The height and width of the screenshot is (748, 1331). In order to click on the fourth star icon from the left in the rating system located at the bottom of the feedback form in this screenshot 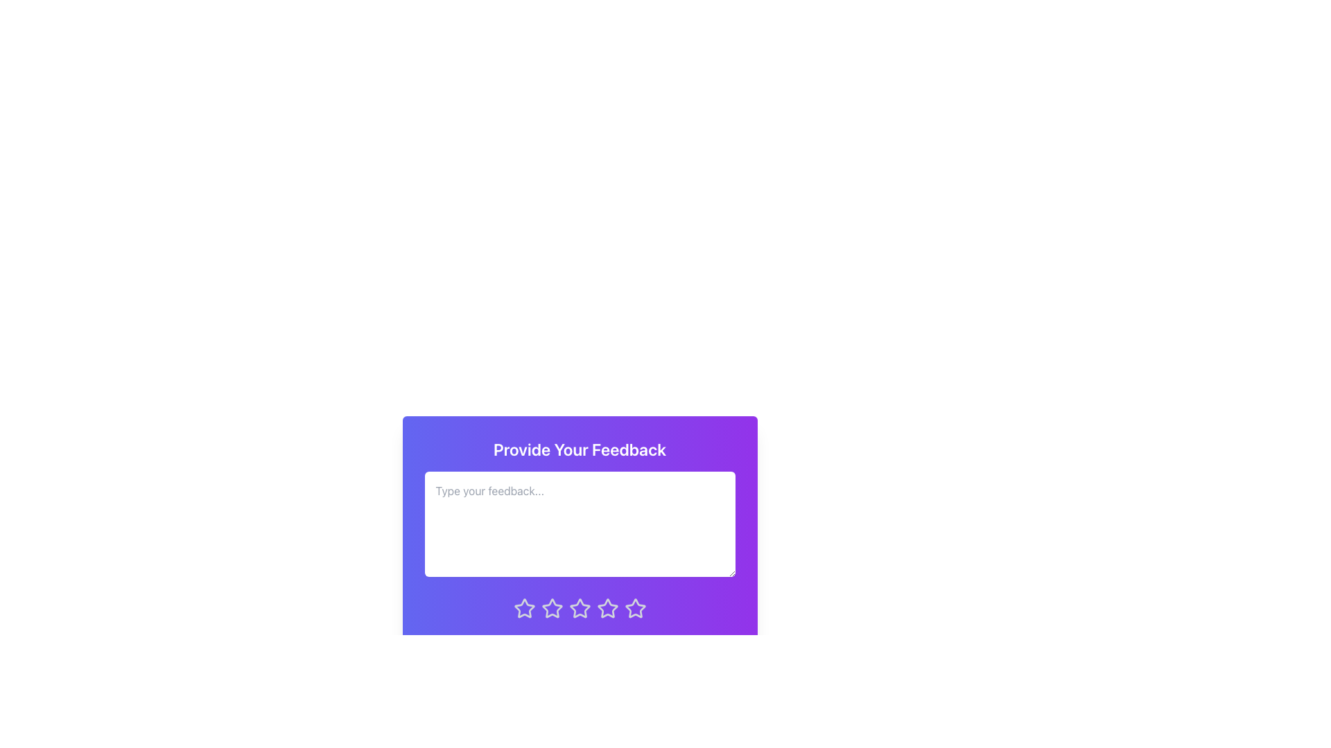, I will do `click(580, 608)`.